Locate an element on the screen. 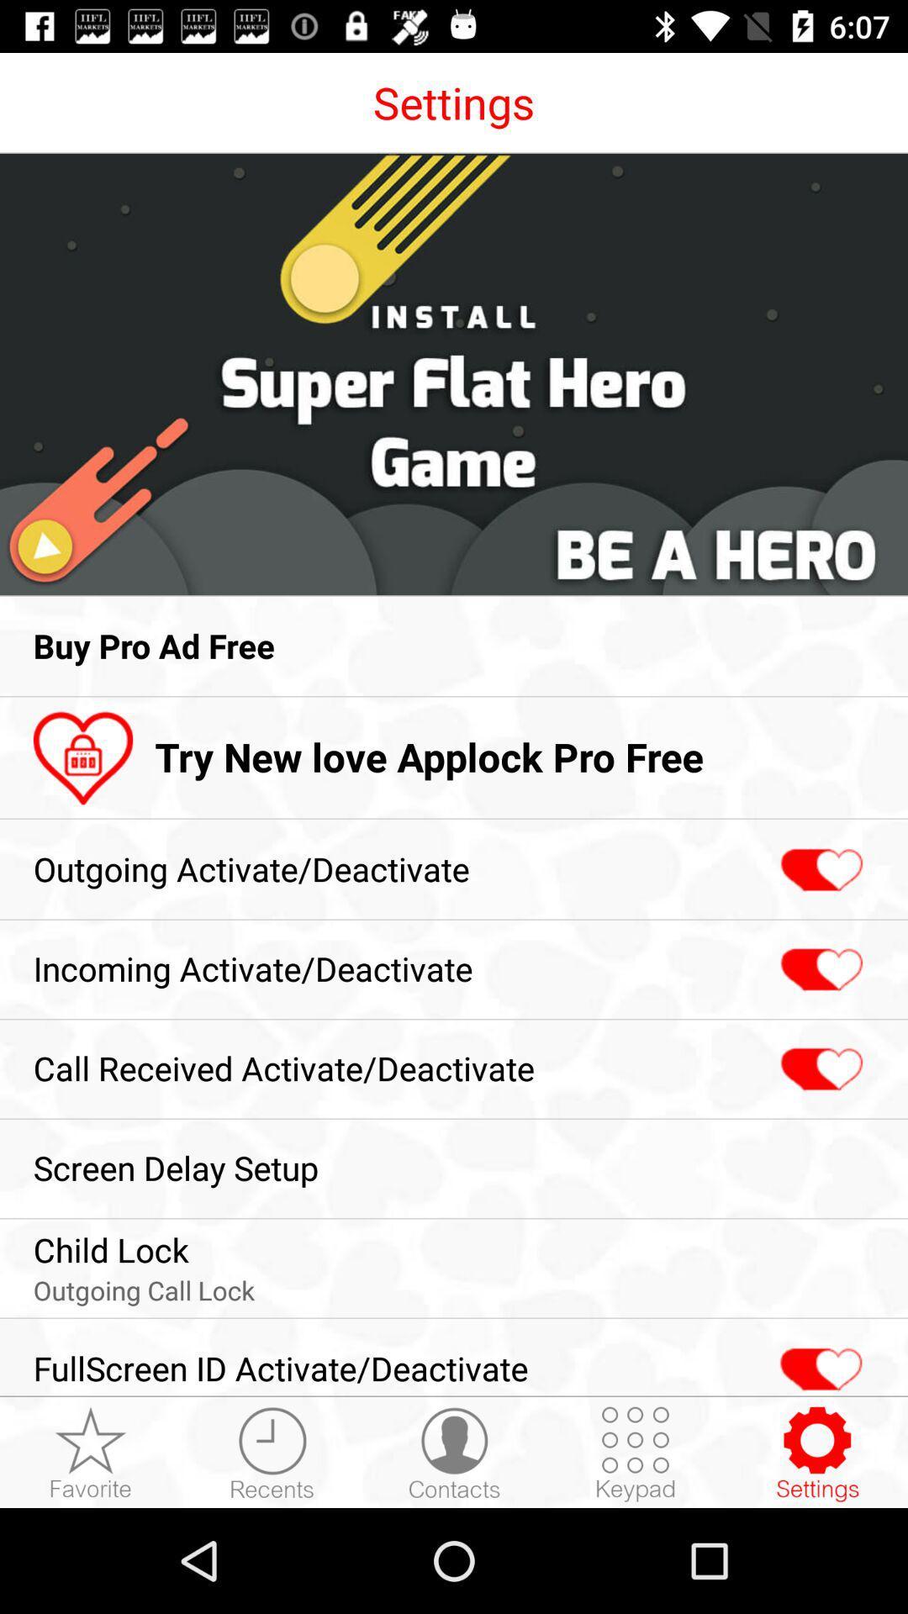 This screenshot has height=1614, width=908. book the app is located at coordinates (816, 1453).